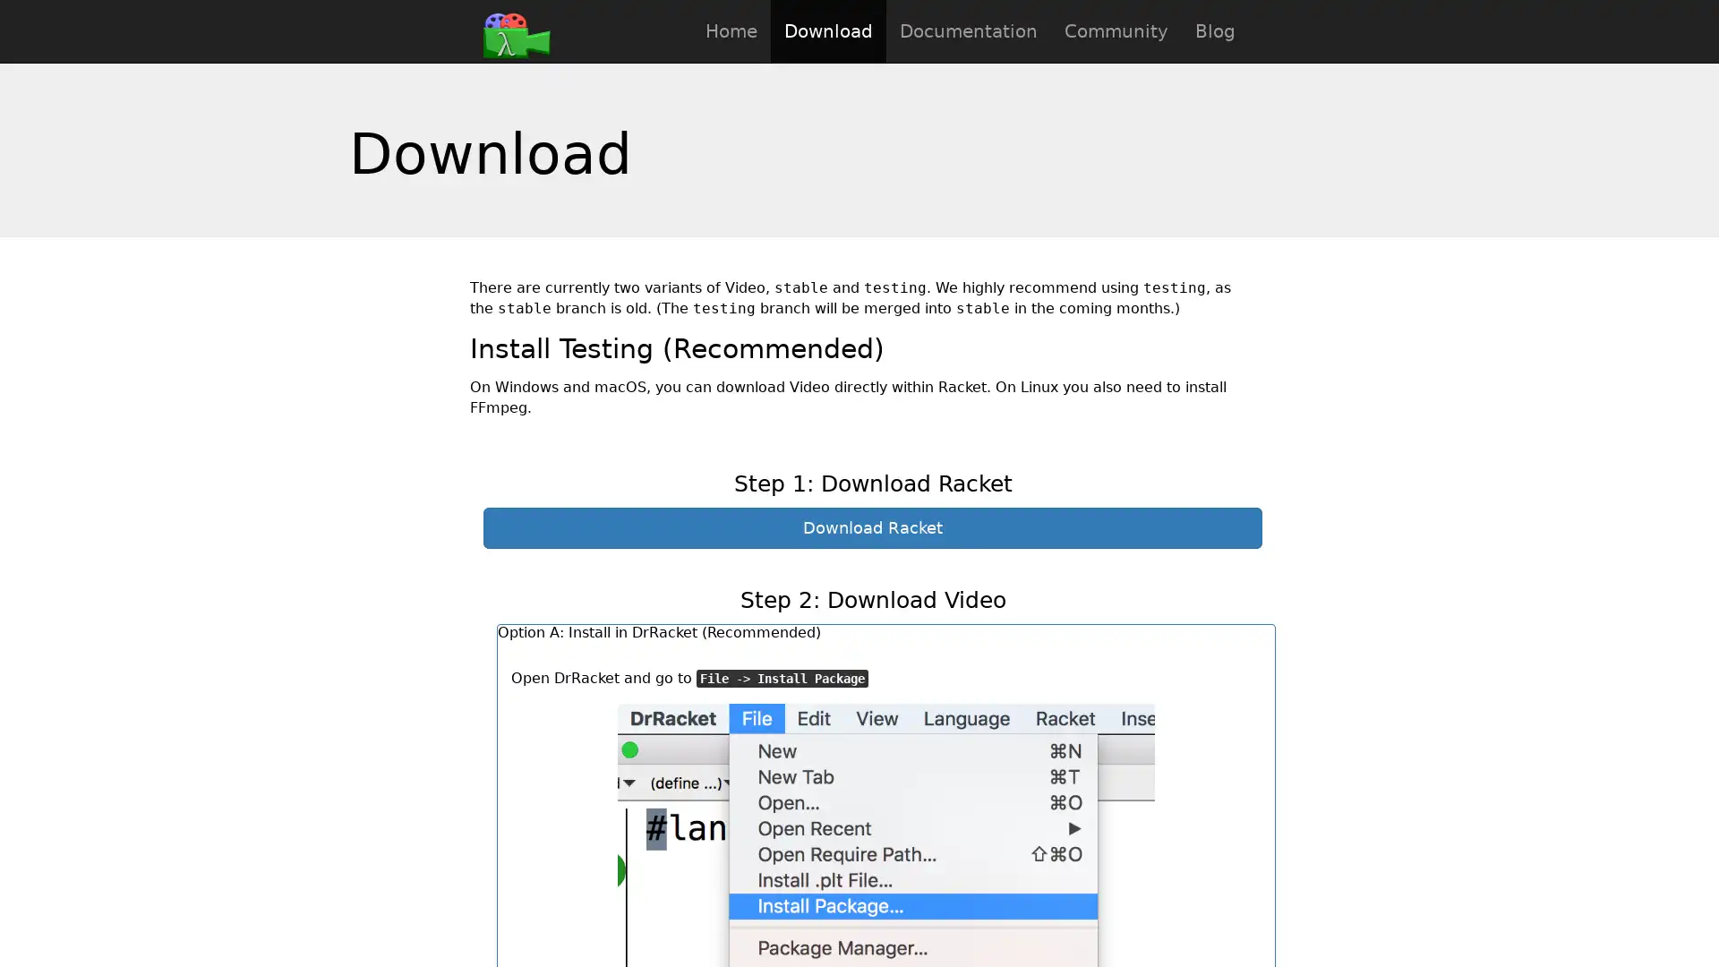 This screenshot has height=967, width=1719. I want to click on Download Racket, so click(872, 527).